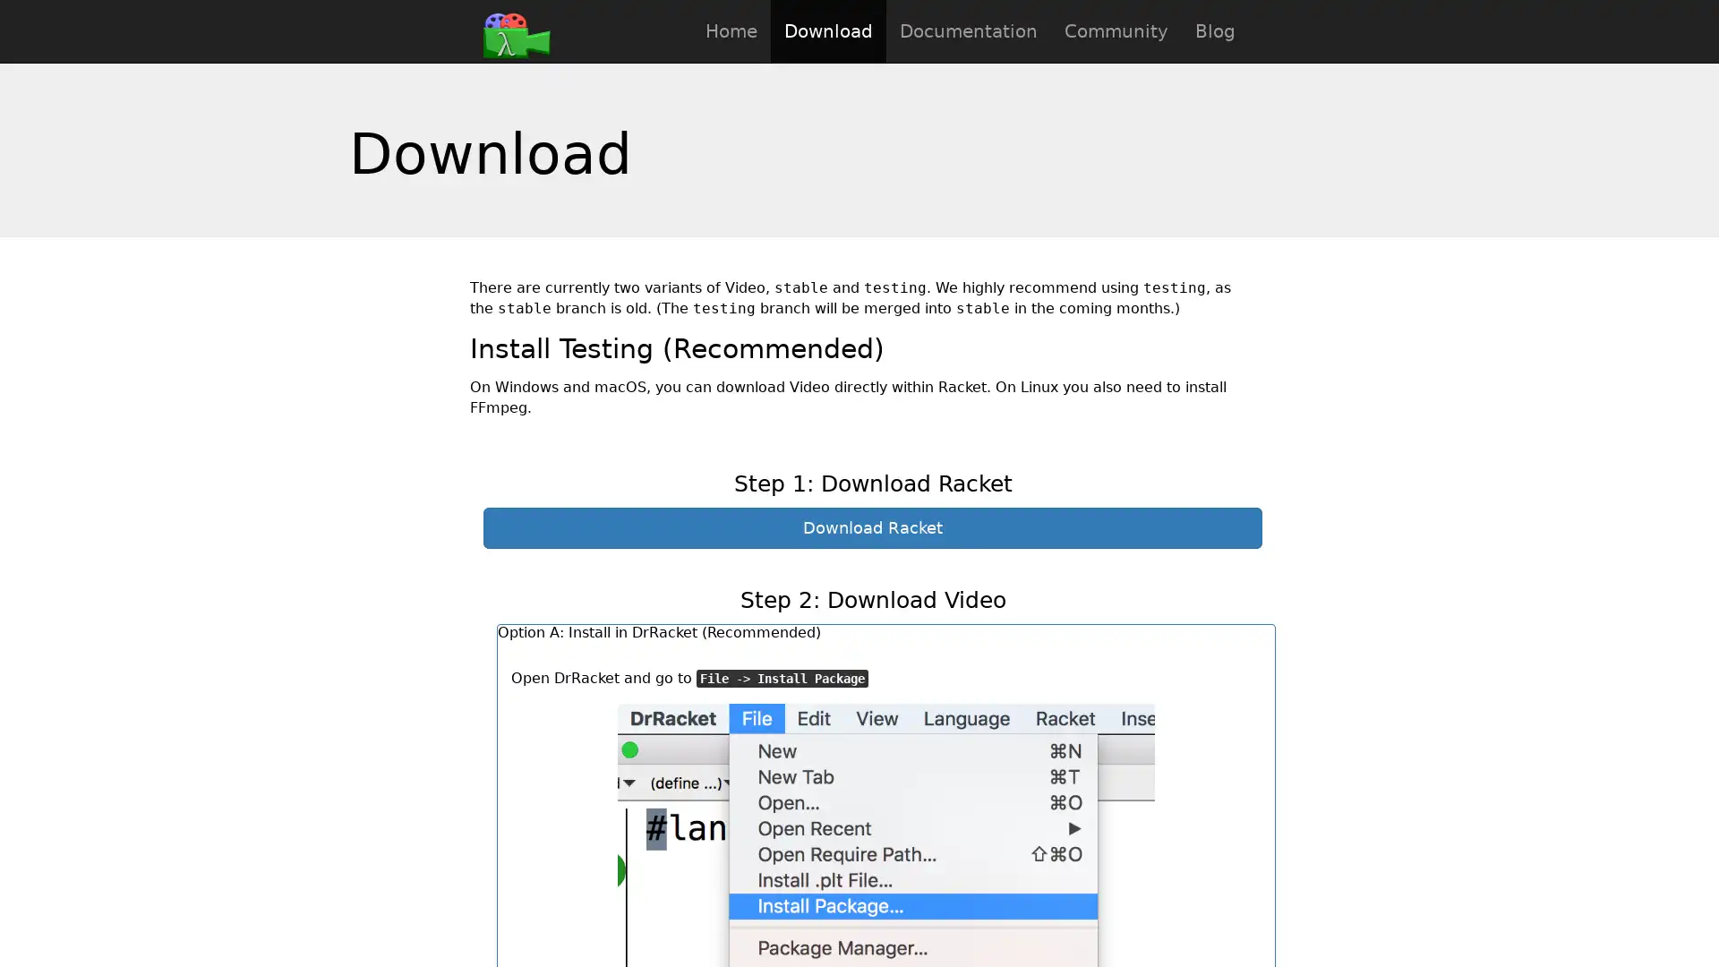 This screenshot has height=967, width=1719. I want to click on Download Racket, so click(872, 527).